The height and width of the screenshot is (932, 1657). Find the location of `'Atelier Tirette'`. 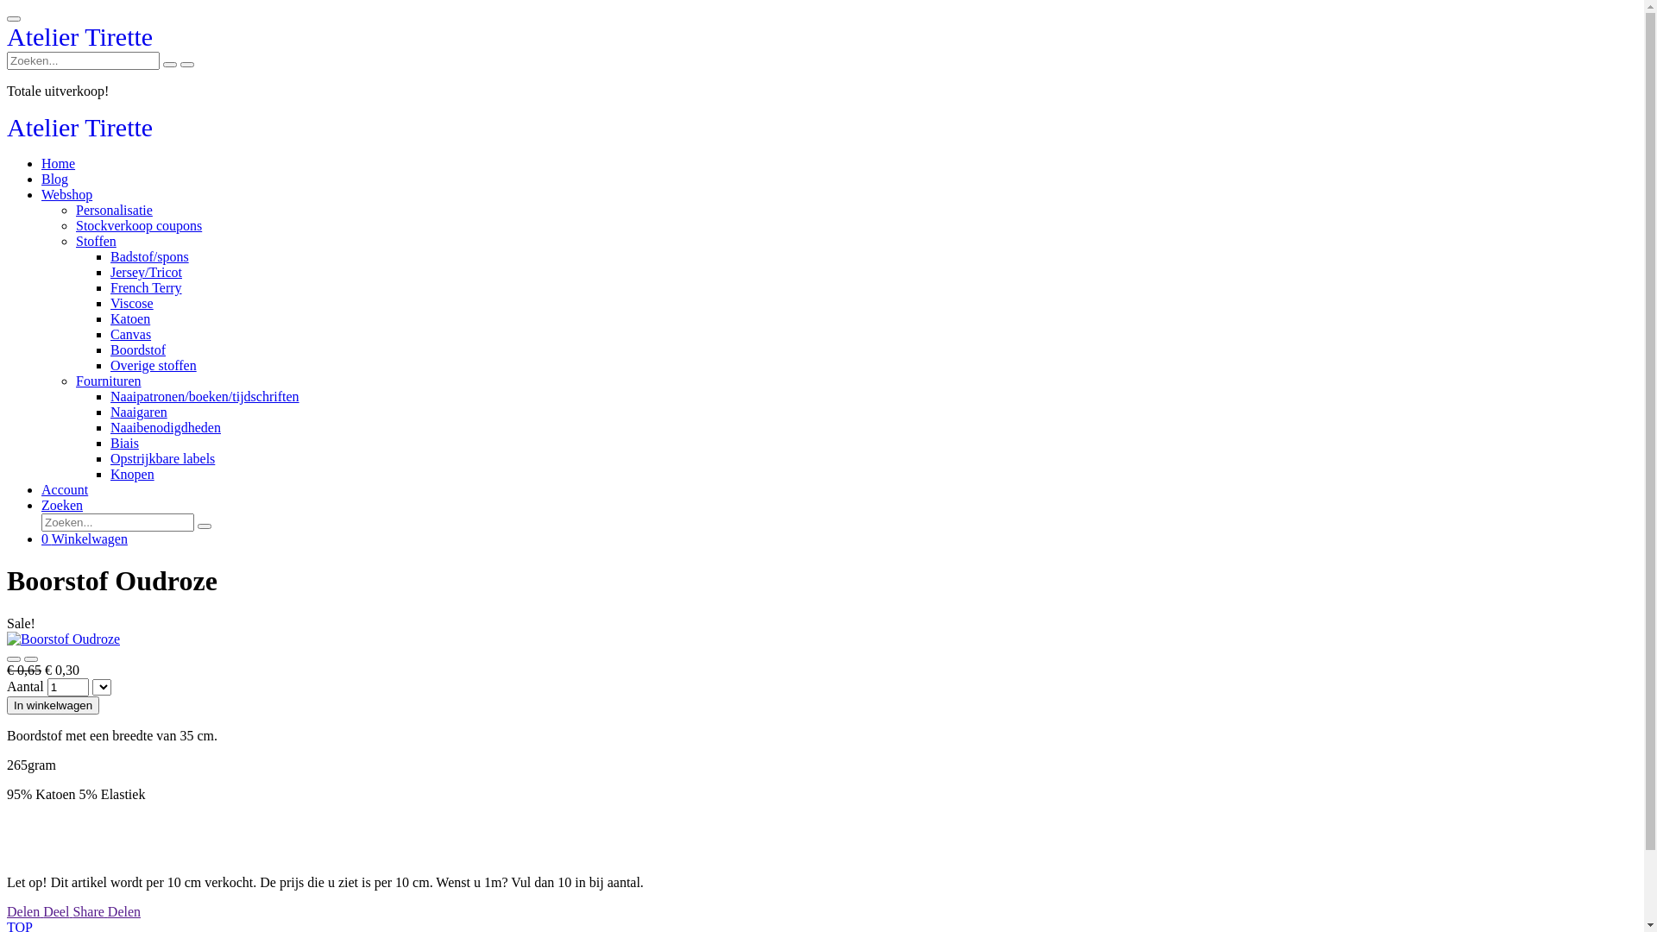

'Atelier Tirette' is located at coordinates (79, 40).